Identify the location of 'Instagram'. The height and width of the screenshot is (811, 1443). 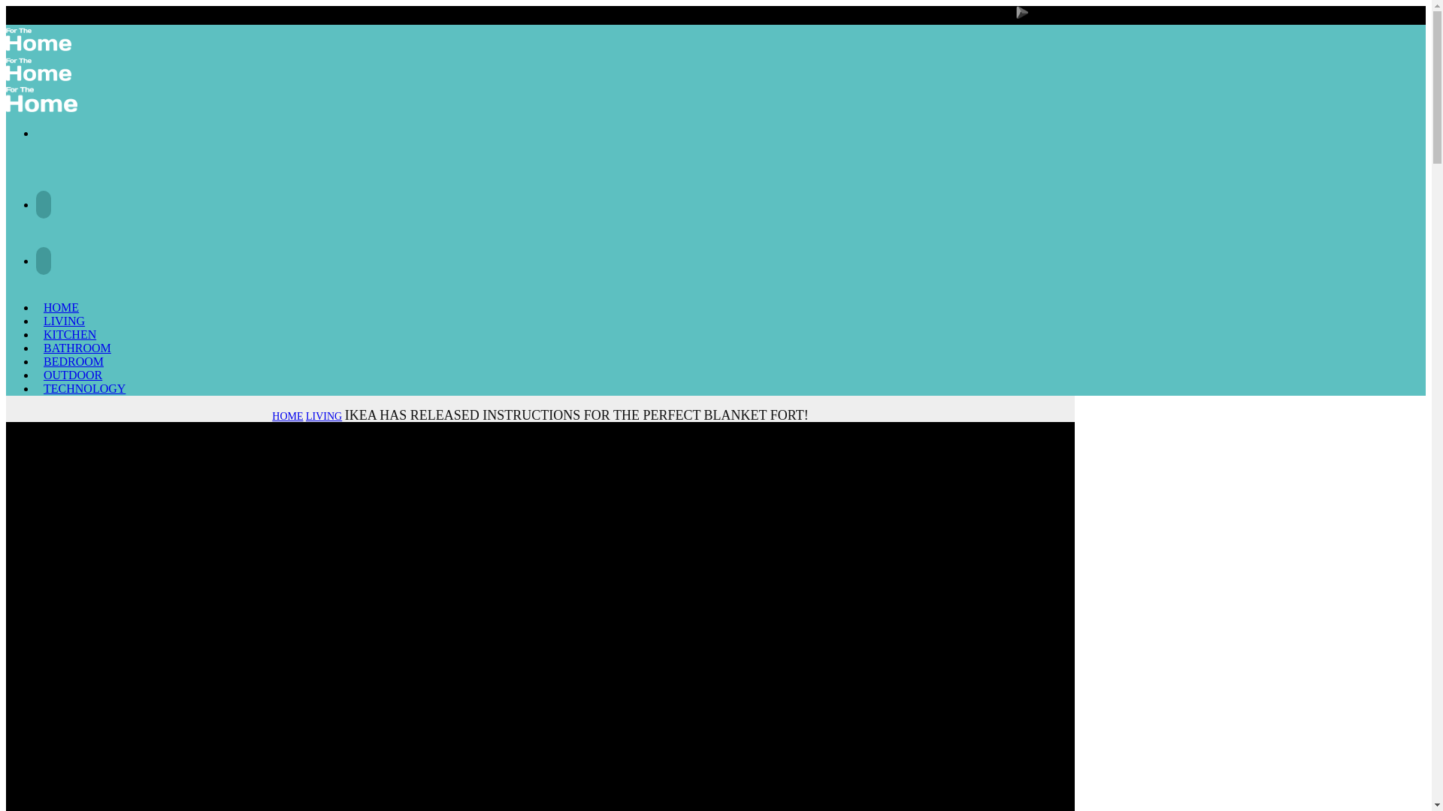
(43, 260).